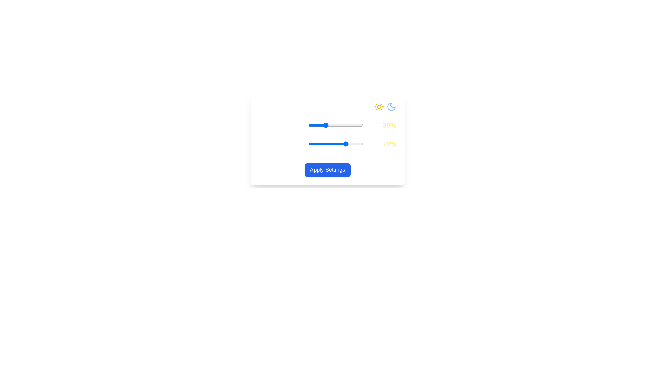 The height and width of the screenshot is (371, 660). I want to click on the Daylight Intensity slider to 46%, so click(333, 125).